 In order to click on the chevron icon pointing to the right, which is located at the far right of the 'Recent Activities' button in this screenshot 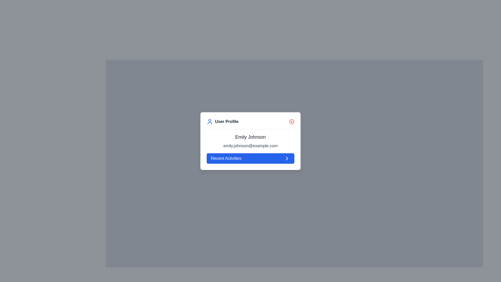, I will do `click(287, 158)`.